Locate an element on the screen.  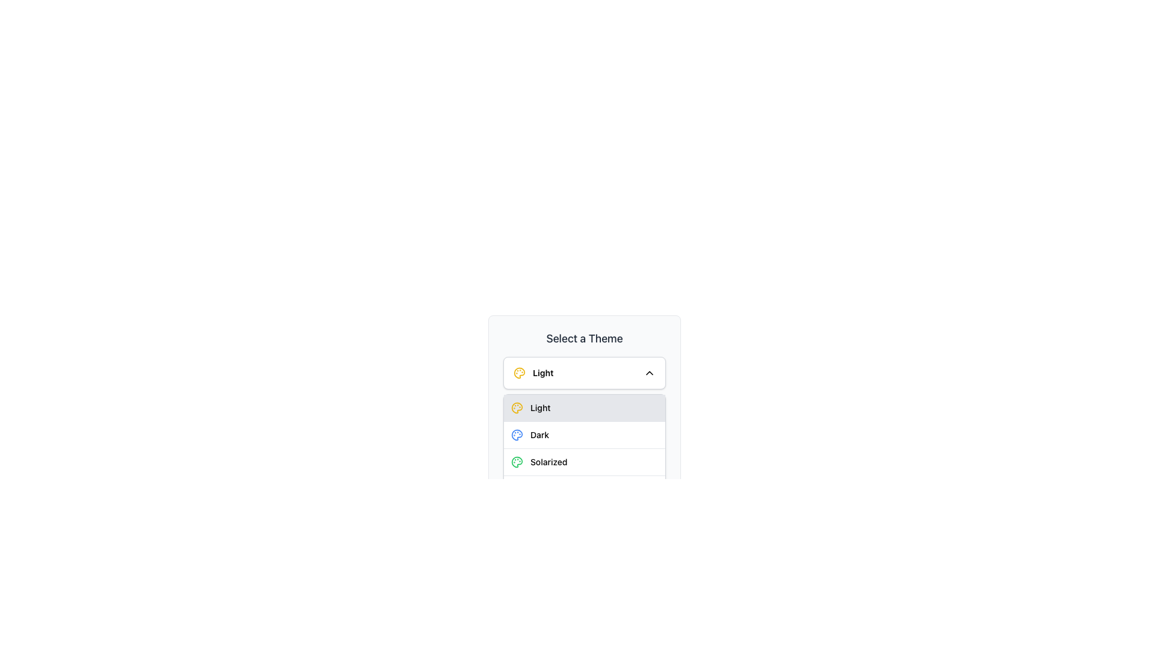
the second vector representation of the blue-themed palette icon within the 'Select a Theme' dropdown menu is located at coordinates (517, 435).